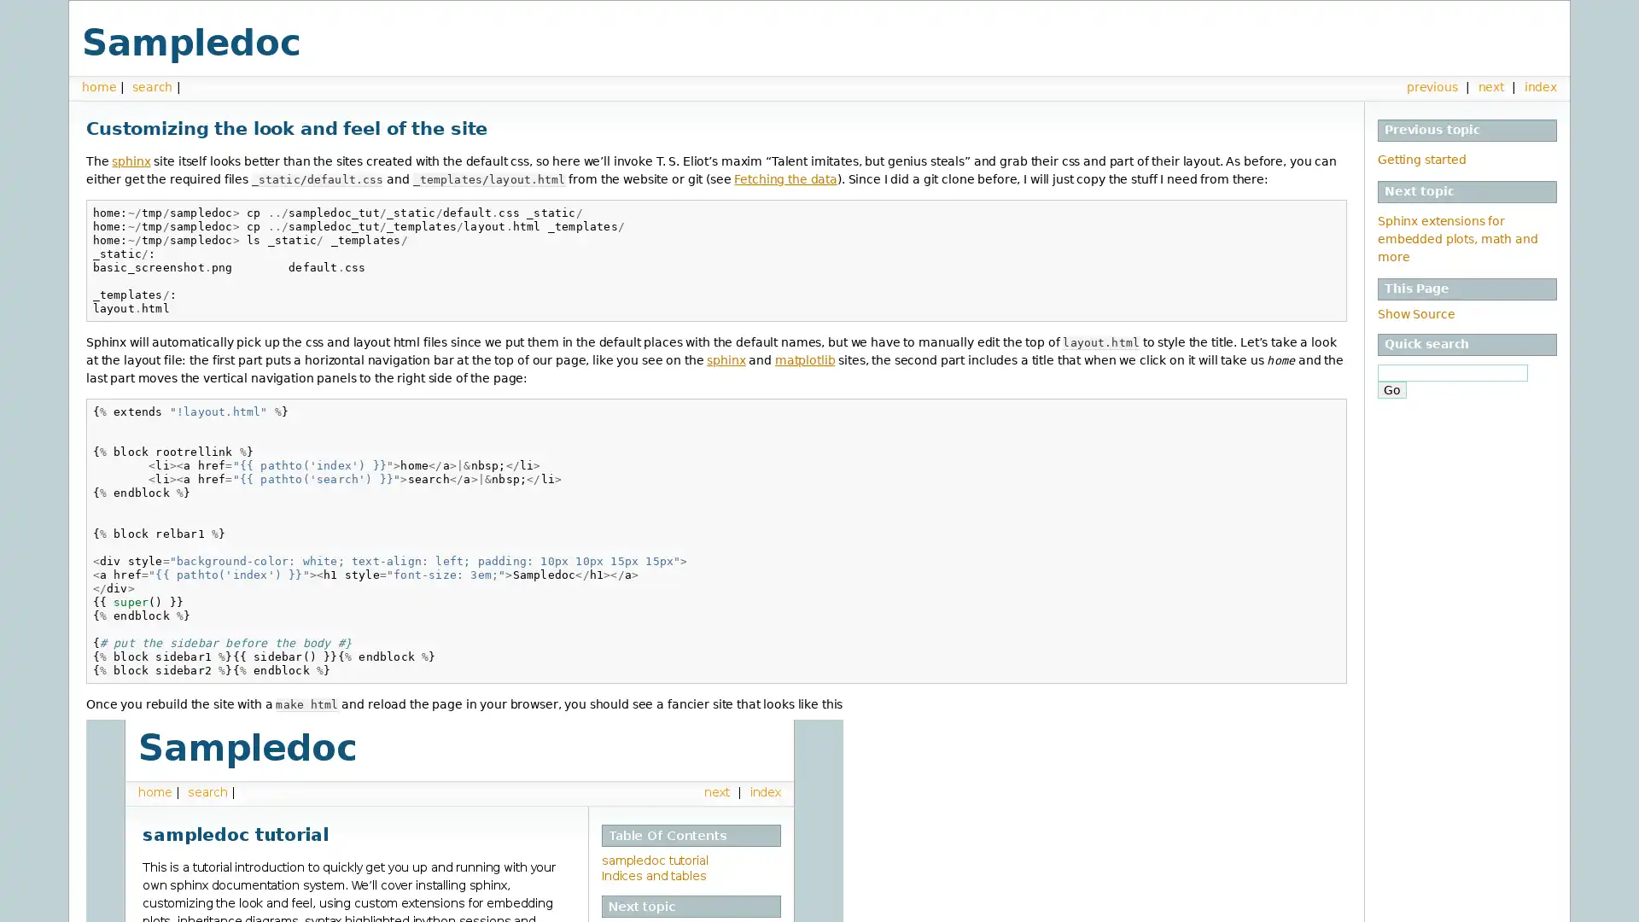 The image size is (1639, 922). Describe the element at coordinates (1392, 388) in the screenshot. I see `Go` at that location.